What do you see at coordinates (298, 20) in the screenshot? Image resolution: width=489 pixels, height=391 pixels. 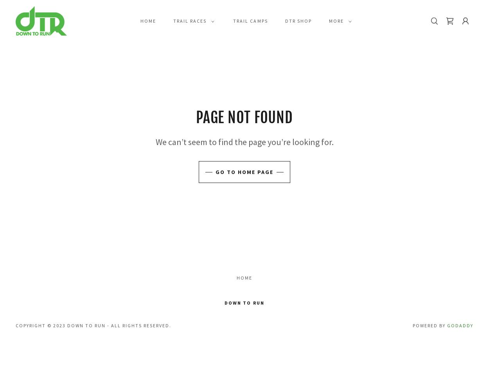 I see `'DTR Shop'` at bounding box center [298, 20].